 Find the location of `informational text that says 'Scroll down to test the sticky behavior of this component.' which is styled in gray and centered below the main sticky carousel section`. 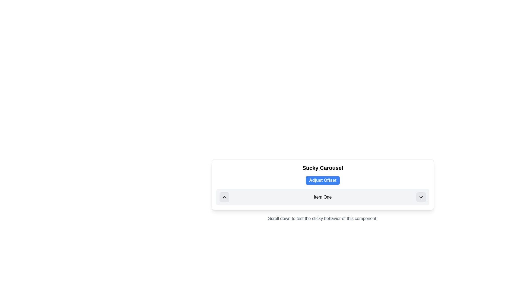

informational text that says 'Scroll down to test the sticky behavior of this component.' which is styled in gray and centered below the main sticky carousel section is located at coordinates (323, 218).